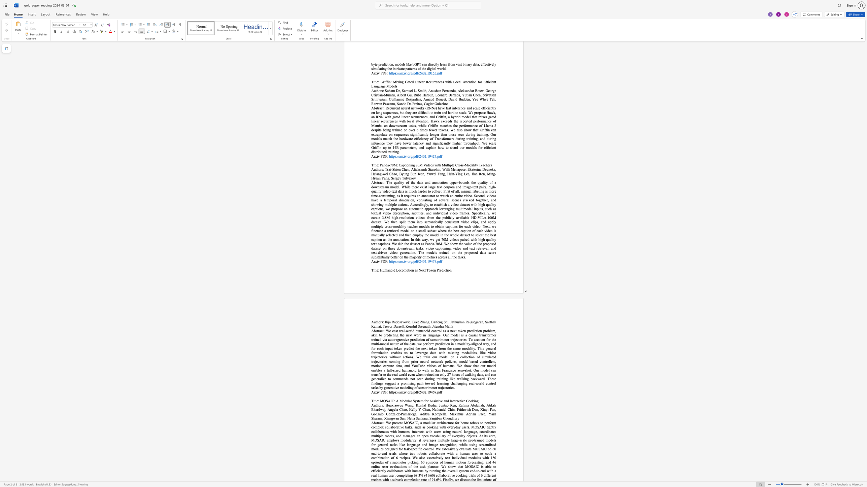 Image resolution: width=867 pixels, height=487 pixels. Describe the element at coordinates (378, 392) in the screenshot. I see `the space between the continuous character "i" and "v" in the text` at that location.